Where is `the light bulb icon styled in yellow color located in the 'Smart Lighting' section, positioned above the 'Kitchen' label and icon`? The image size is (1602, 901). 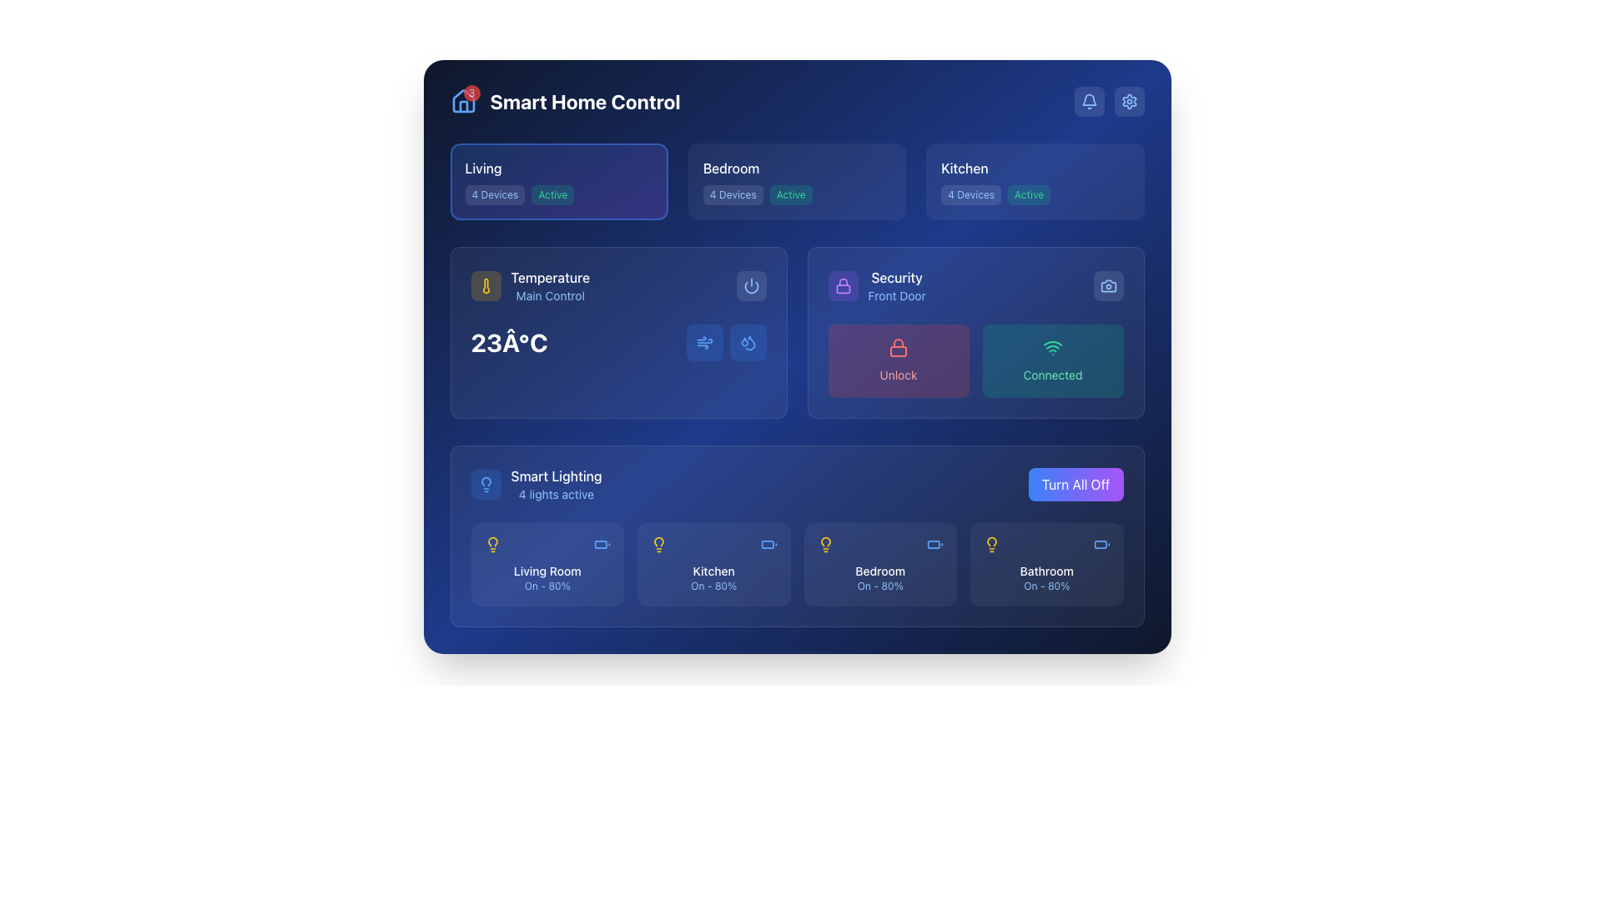
the light bulb icon styled in yellow color located in the 'Smart Lighting' section, positioned above the 'Kitchen' label and icon is located at coordinates (658, 544).